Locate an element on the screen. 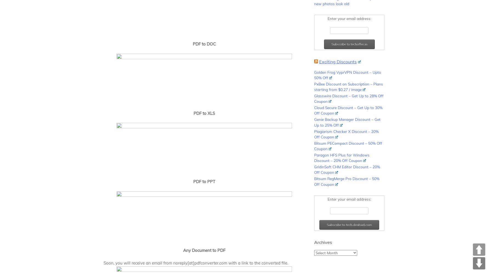  'PDF to DOC' is located at coordinates (192, 44).